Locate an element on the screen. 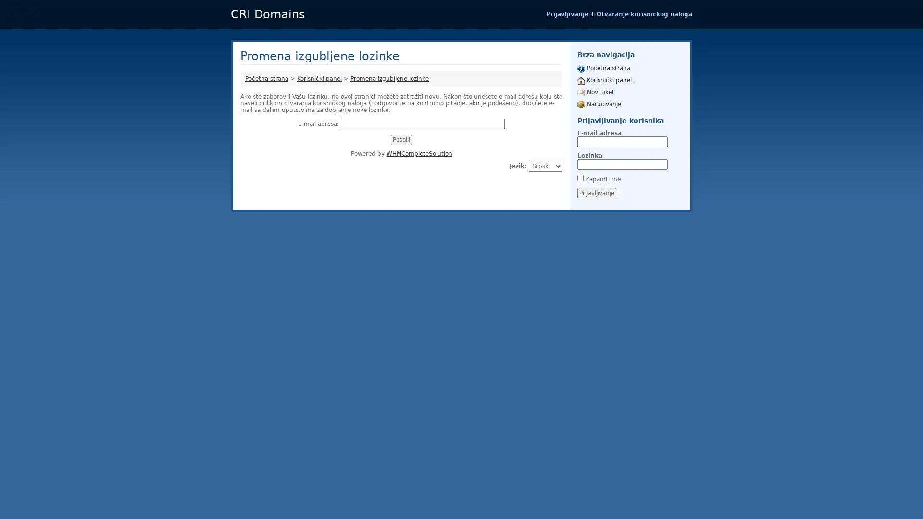 The width and height of the screenshot is (923, 519). Prijavljivanje is located at coordinates (596, 193).